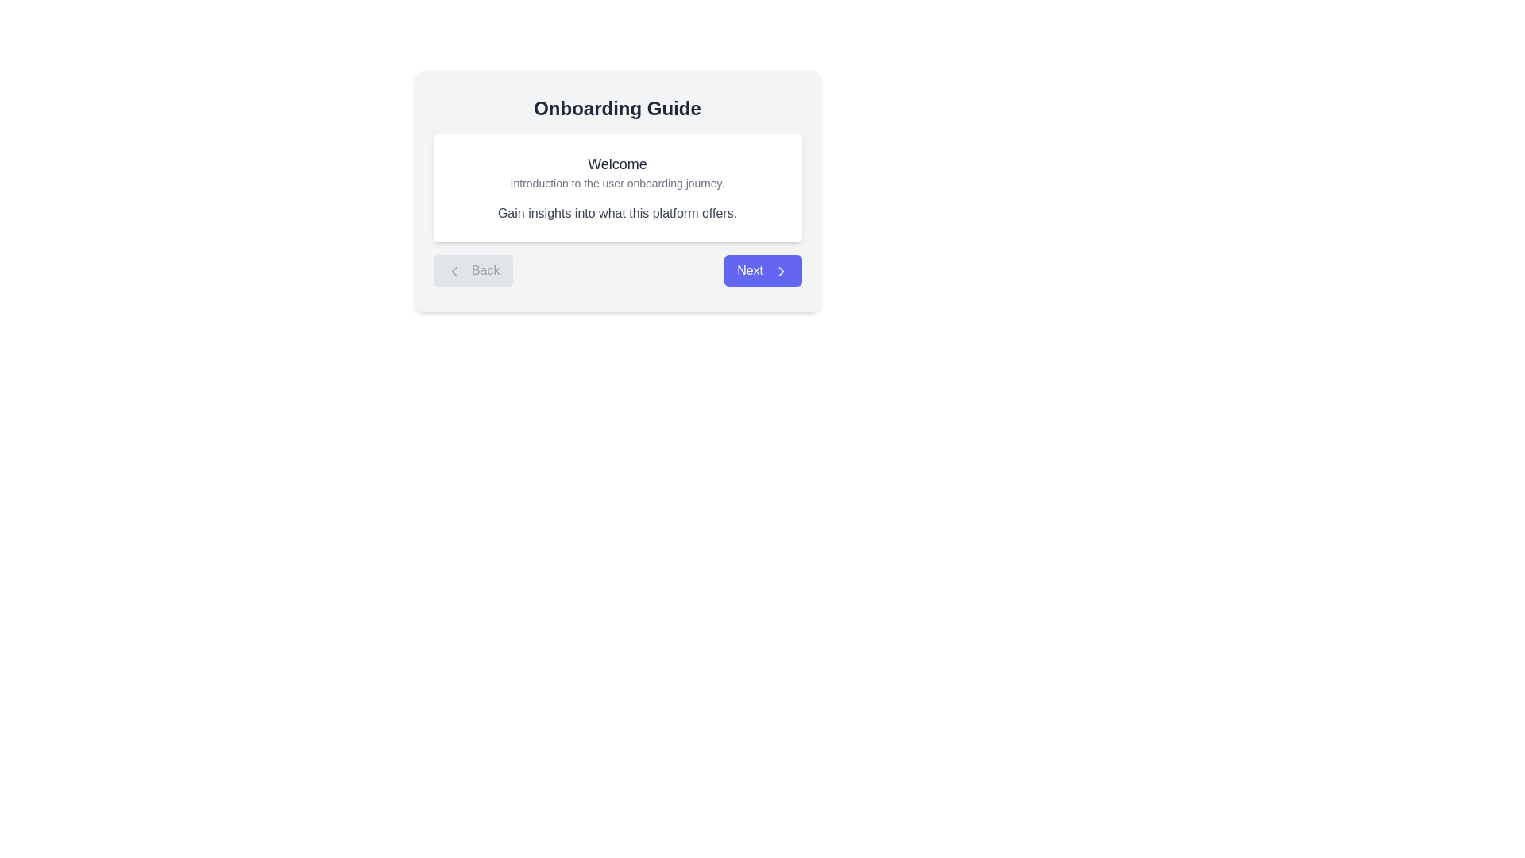 The width and height of the screenshot is (1525, 858). Describe the element at coordinates (616, 213) in the screenshot. I see `the static text label that provides additional details about the platform, located below the subtitle 'Introduction to the user onboarding journey.'` at that location.